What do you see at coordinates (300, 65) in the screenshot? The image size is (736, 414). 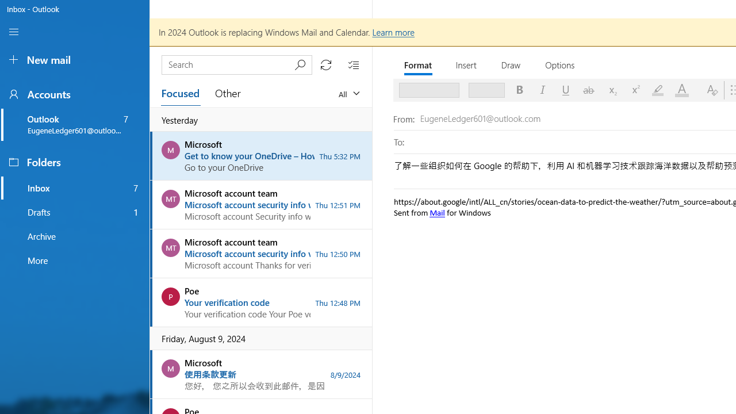 I see `'Submit search'` at bounding box center [300, 65].